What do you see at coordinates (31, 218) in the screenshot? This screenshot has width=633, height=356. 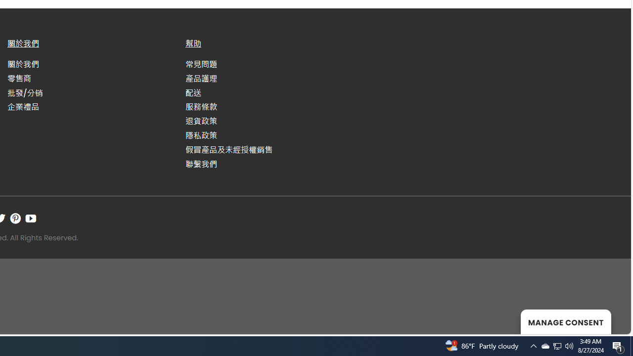 I see `'Follow on YouTube'` at bounding box center [31, 218].